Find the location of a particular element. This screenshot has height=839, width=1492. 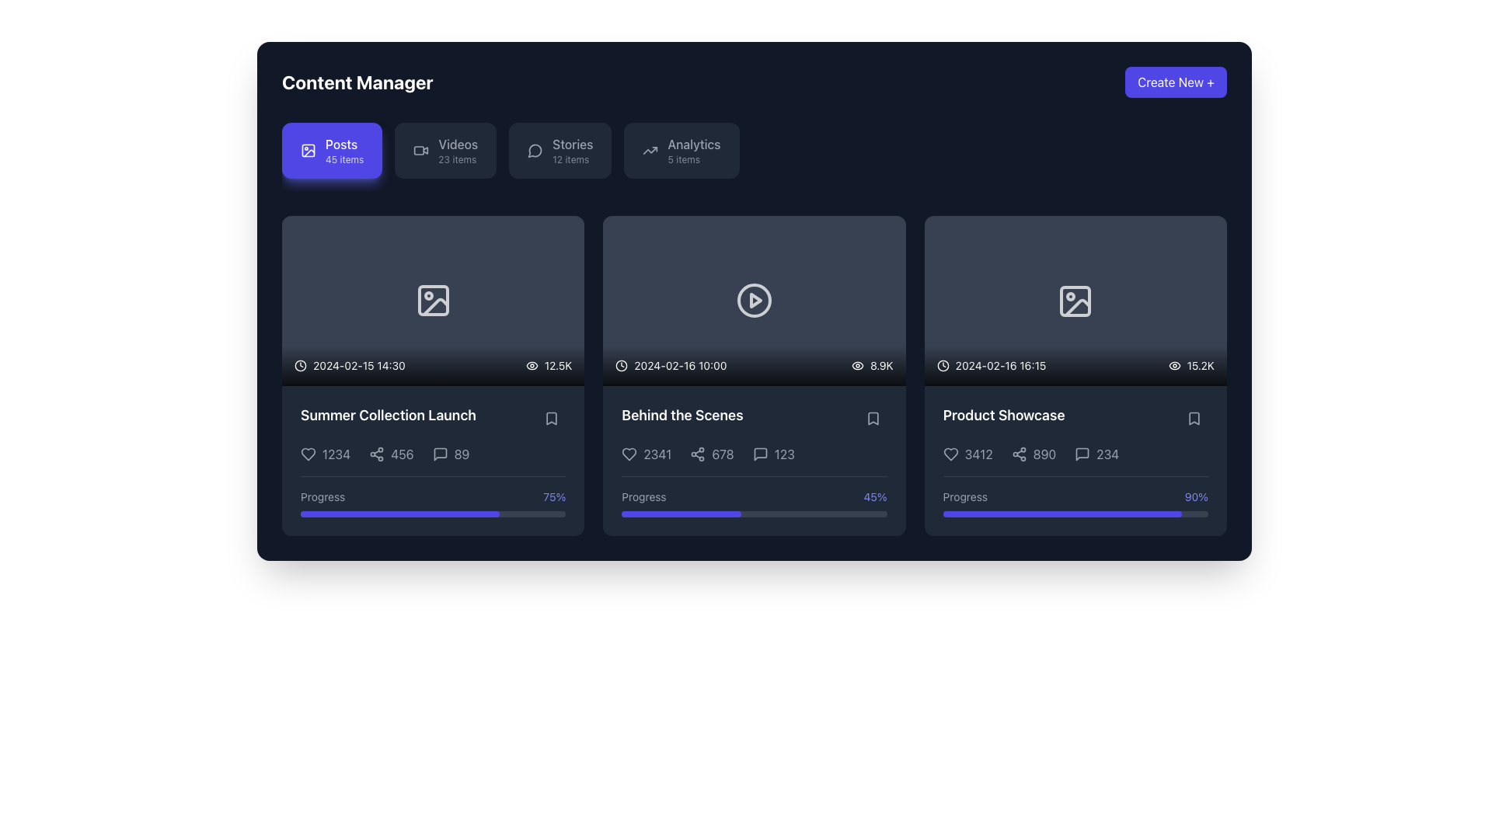

the information display panel showing the timestamp '2024-02-16 16:15' and viewer count '15.2K', located at the bottom of the rightmost card in the grid layout is located at coordinates (1075, 365).